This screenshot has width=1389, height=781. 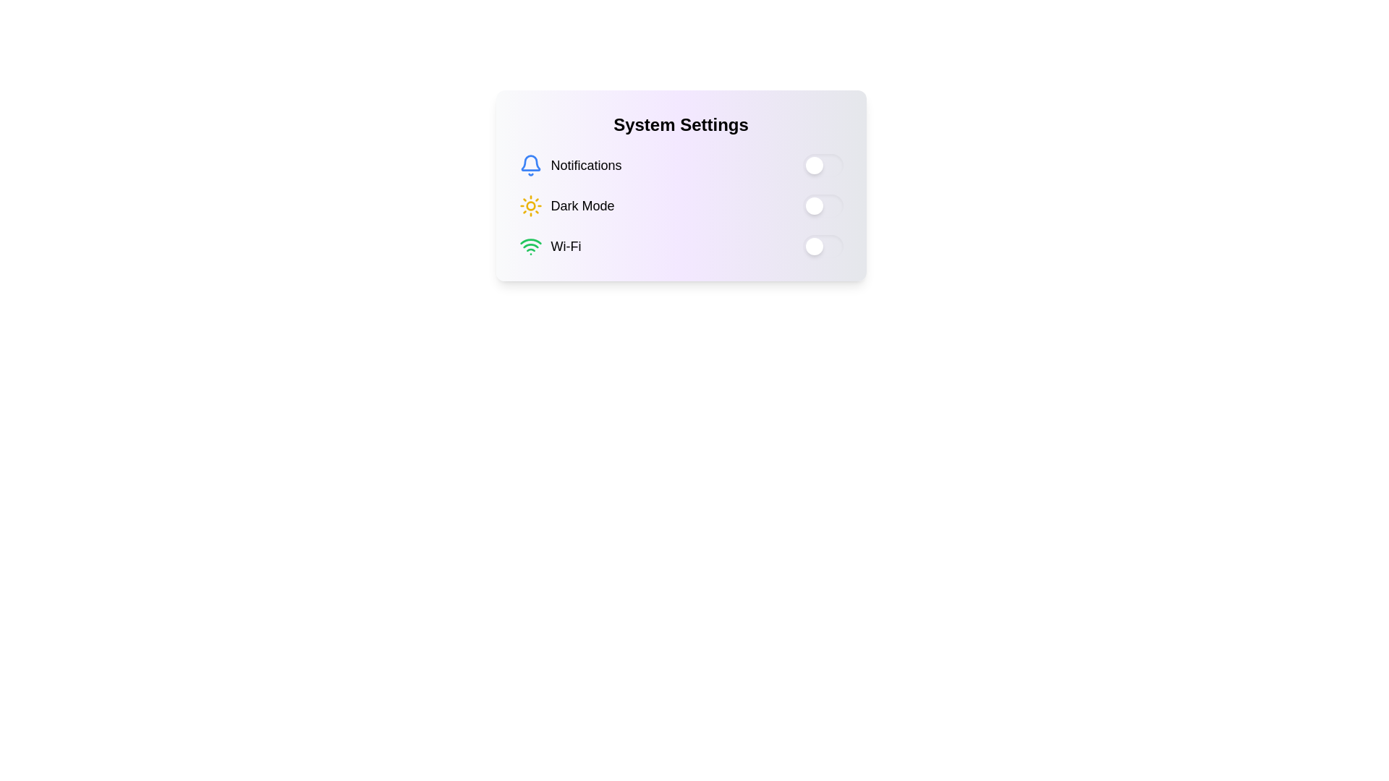 What do you see at coordinates (823, 245) in the screenshot?
I see `the toggle switch located to the far right of the 'Wi-Fi' row in the 'System Settings' section` at bounding box center [823, 245].